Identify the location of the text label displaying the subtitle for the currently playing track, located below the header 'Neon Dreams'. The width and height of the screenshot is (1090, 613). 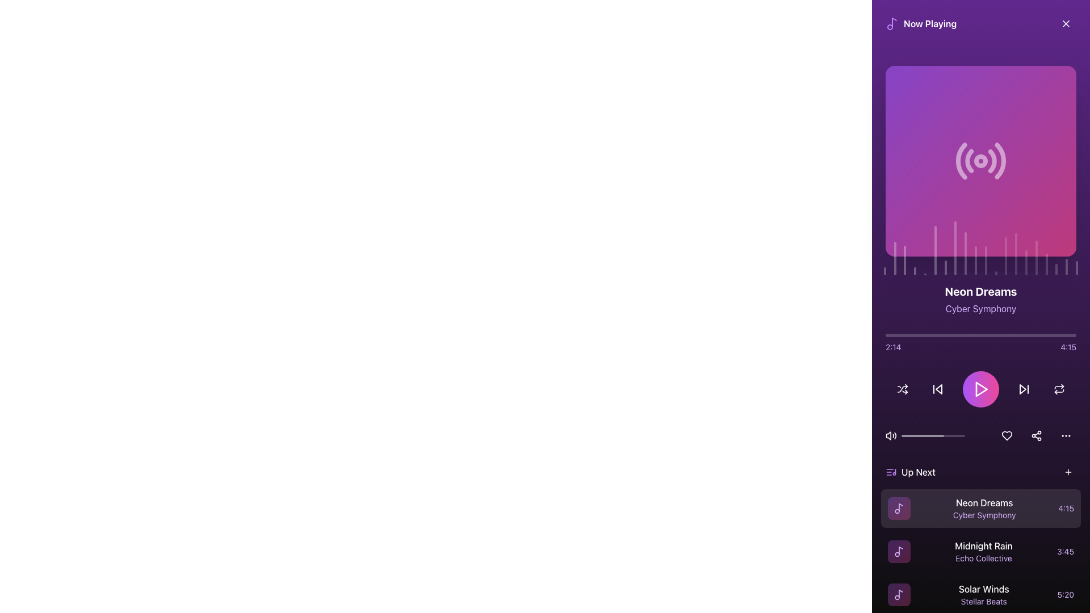
(980, 308).